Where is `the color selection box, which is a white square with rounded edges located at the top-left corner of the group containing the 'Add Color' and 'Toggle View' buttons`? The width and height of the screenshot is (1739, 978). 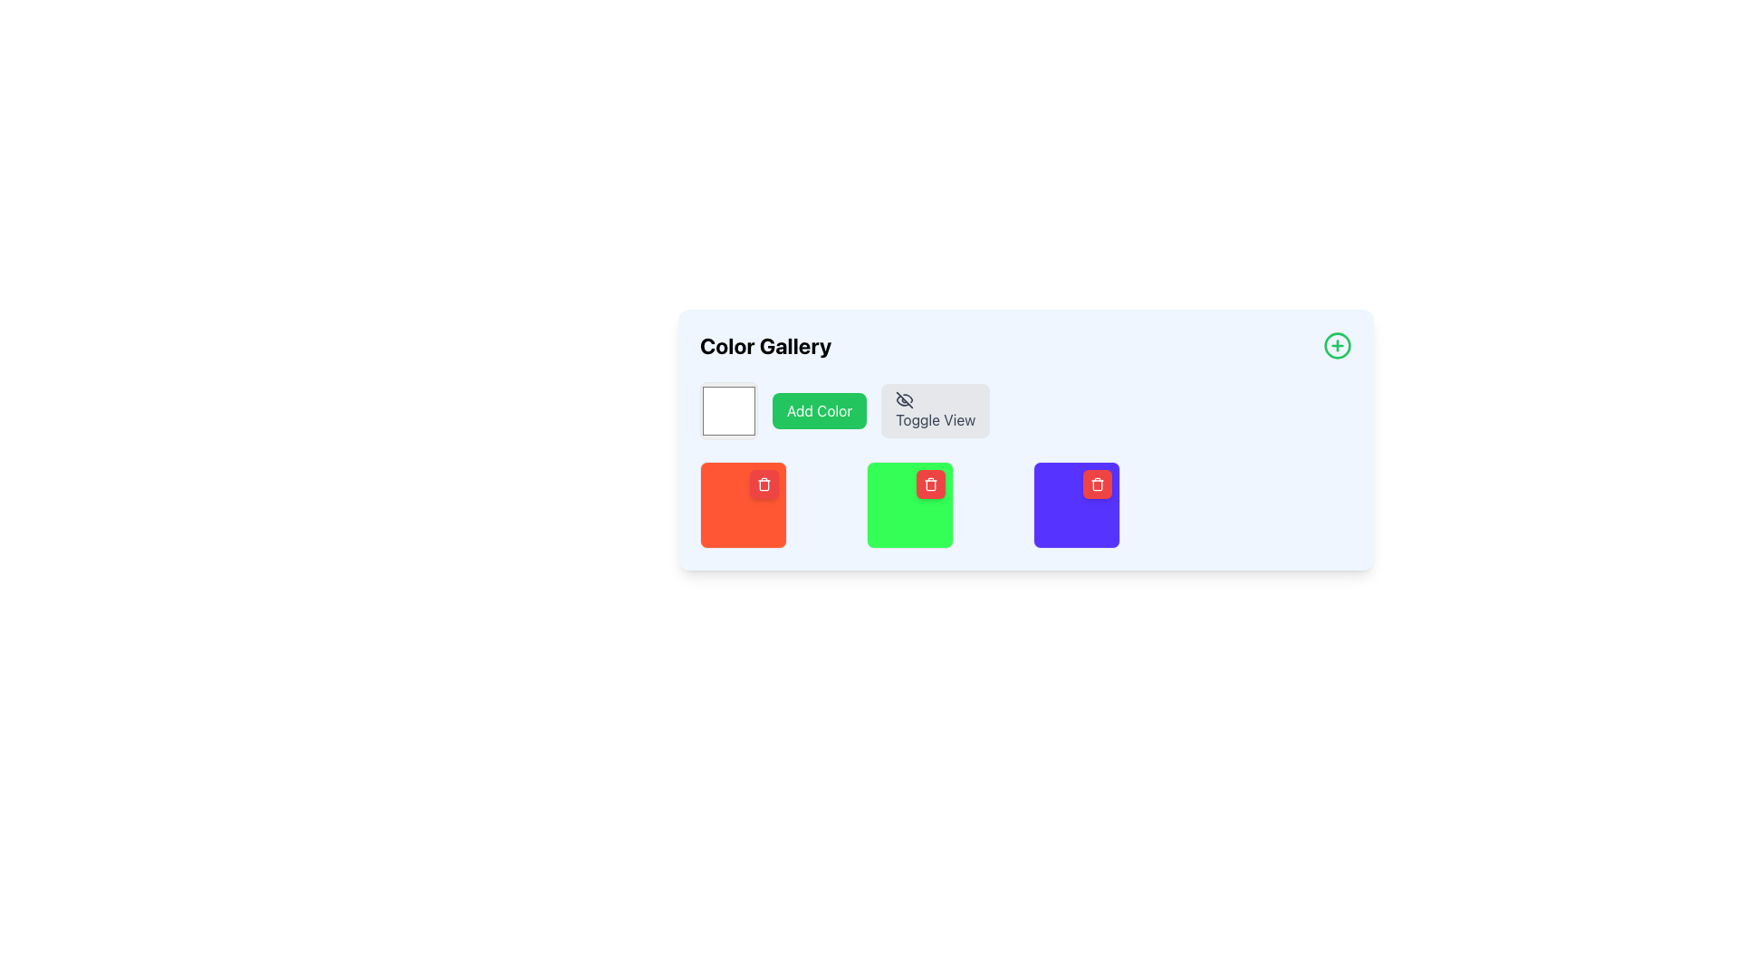 the color selection box, which is a white square with rounded edges located at the top-left corner of the group containing the 'Add Color' and 'Toggle View' buttons is located at coordinates (729, 411).